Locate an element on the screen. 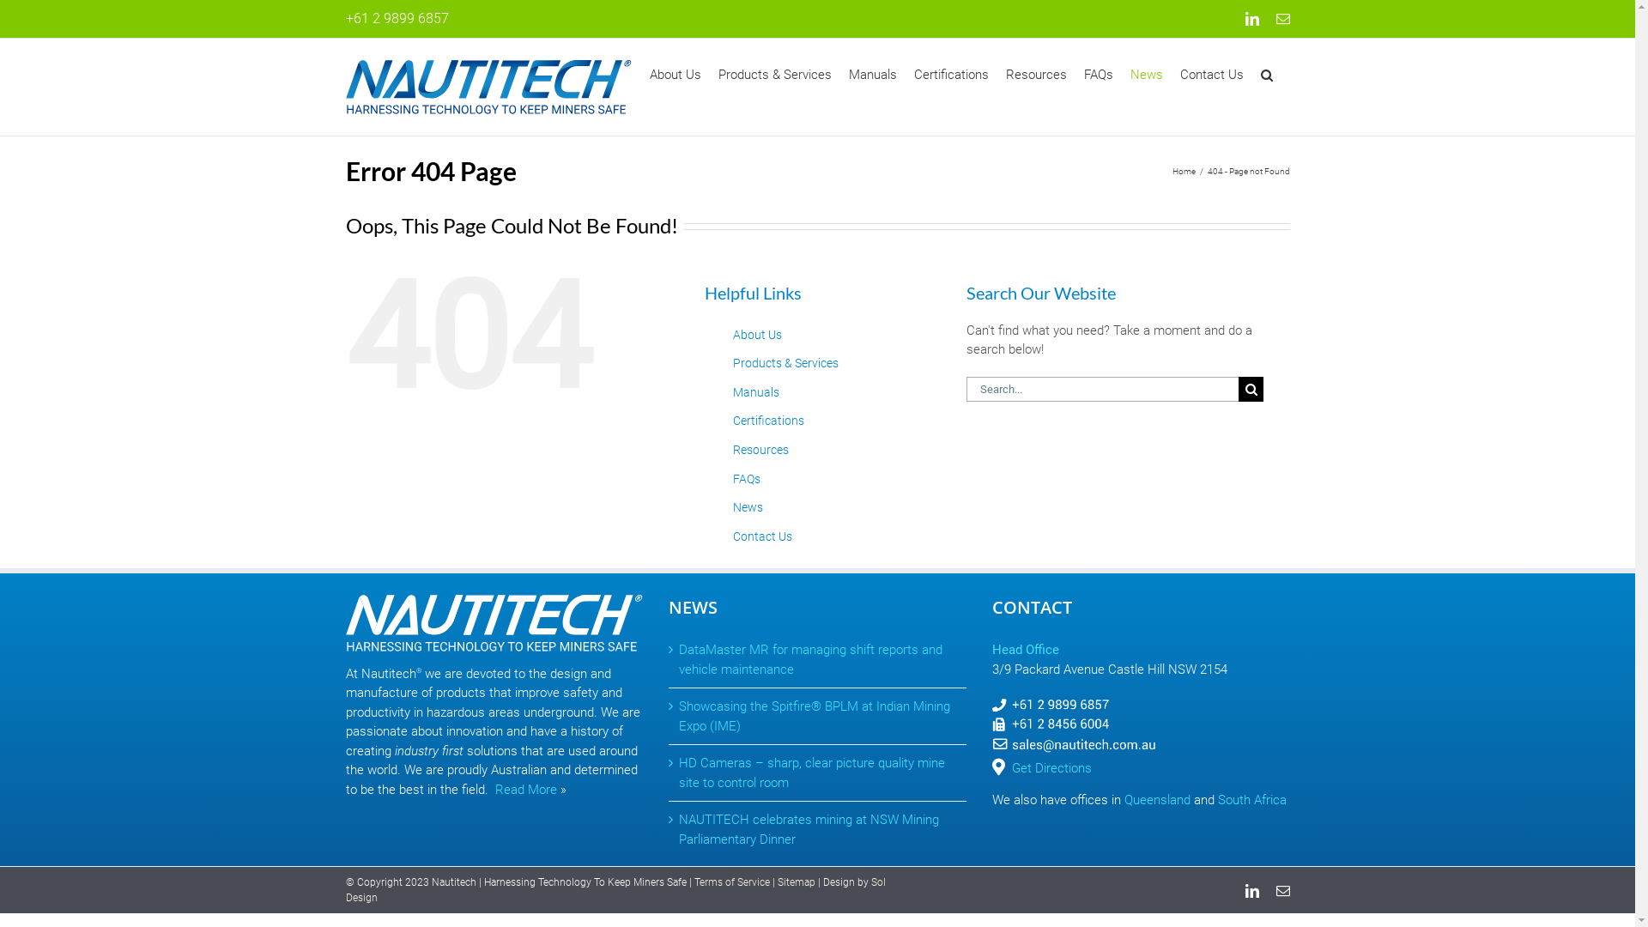  'Manuals' is located at coordinates (755, 391).